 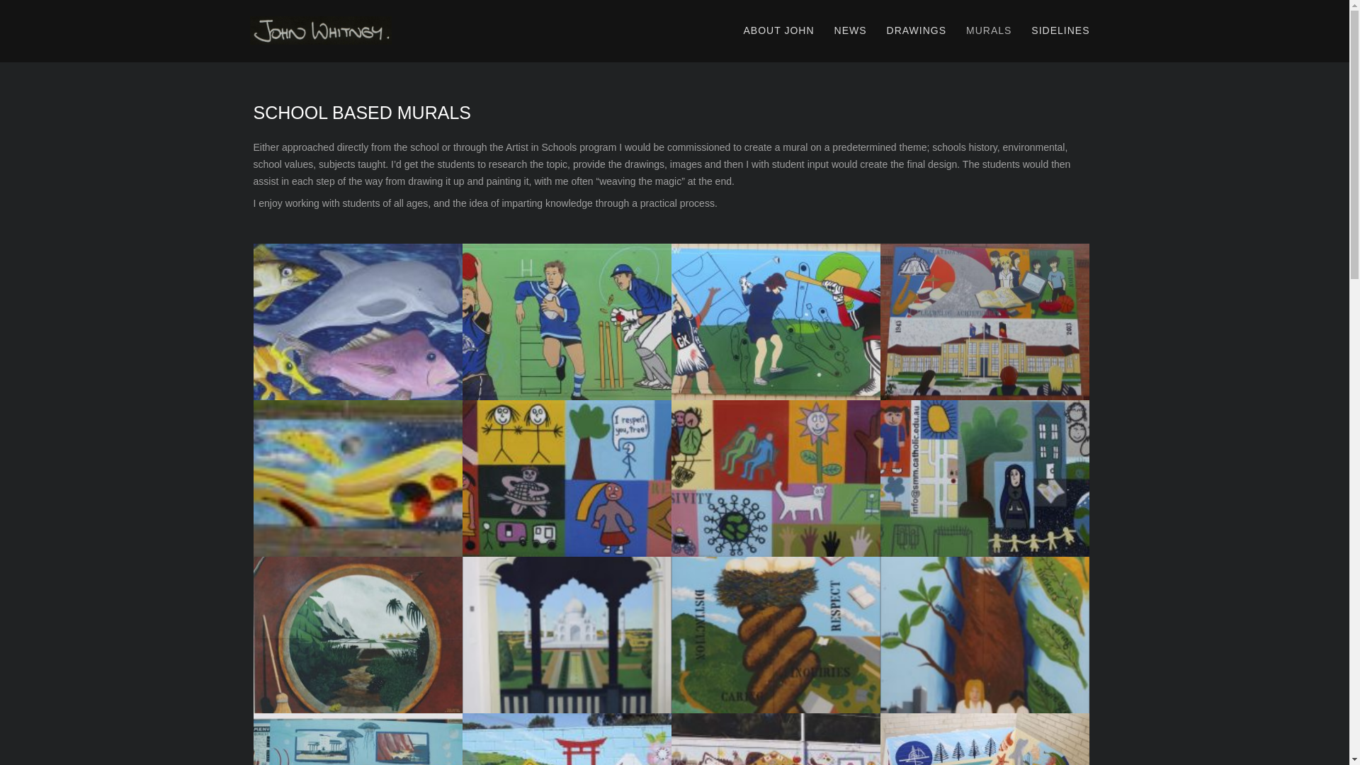 What do you see at coordinates (1060, 30) in the screenshot?
I see `'SIDELINES'` at bounding box center [1060, 30].